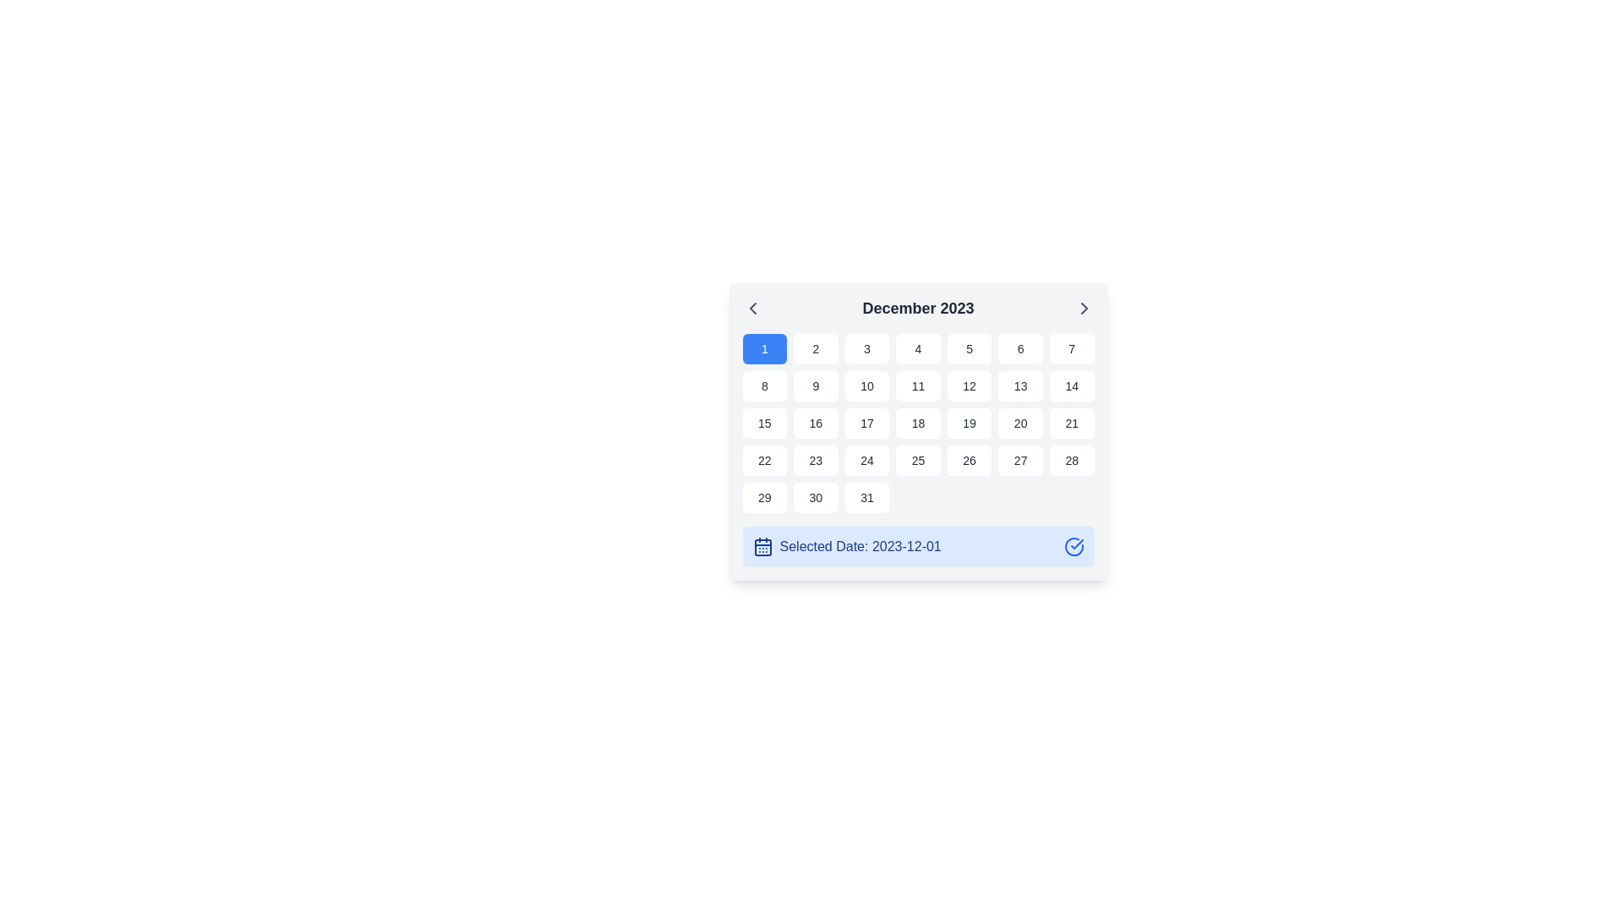 This screenshot has height=913, width=1623. Describe the element at coordinates (917, 547) in the screenshot. I see `the Informational panel displaying 'Selected Date: 2023-12-01', which features a blue background, rounded corners, and includes a calendar icon on the left and a checkmark on the right` at that location.